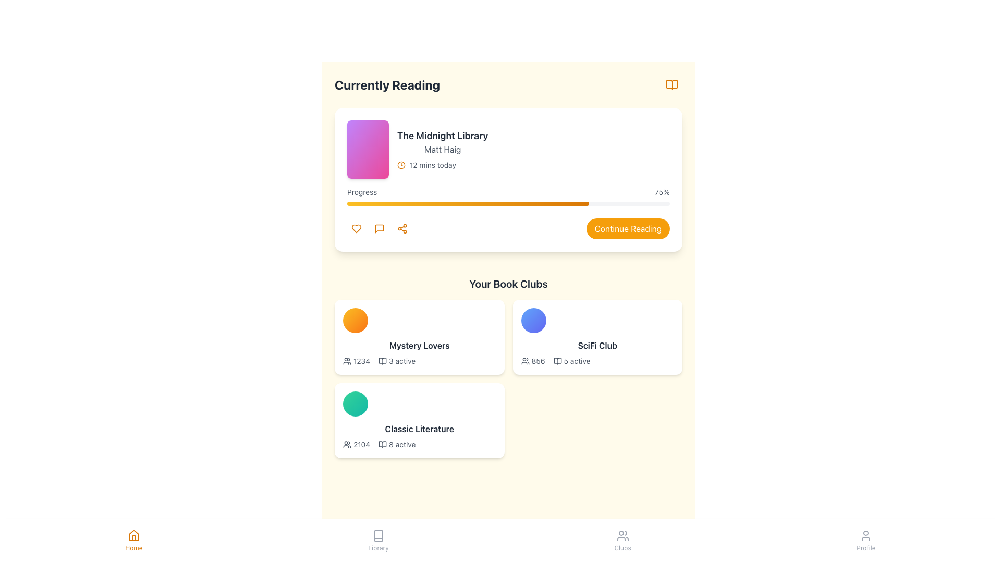  What do you see at coordinates (597, 337) in the screenshot?
I see `the 'SciFi Club' card element, which is a rectangular card with rounded corners and a white background, containing a circular gradient graphic in blue shades and the text 'SciFi Club' and '8565 active', to focus on it` at bounding box center [597, 337].